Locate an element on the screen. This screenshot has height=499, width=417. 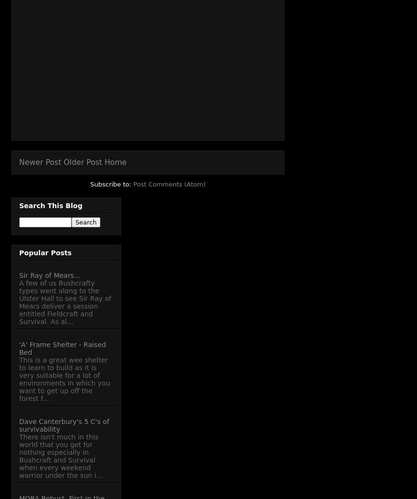
'Dave Canterbury's 5 C's of survivability' is located at coordinates (64, 425).